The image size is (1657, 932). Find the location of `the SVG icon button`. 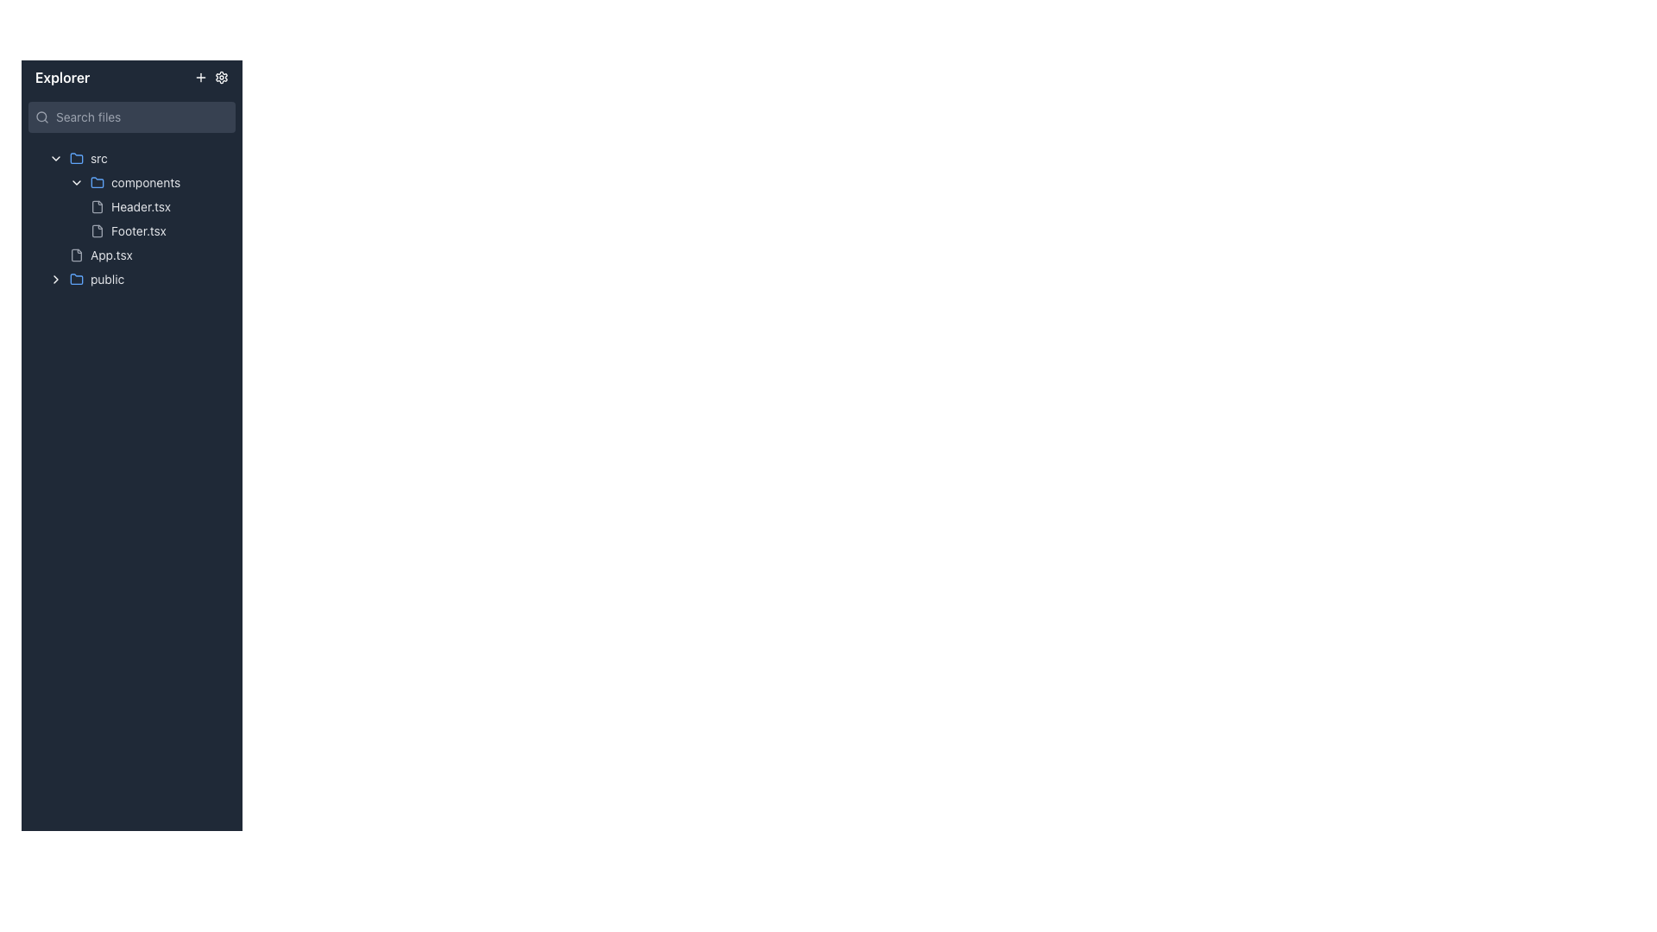

the SVG icon button is located at coordinates (56, 159).